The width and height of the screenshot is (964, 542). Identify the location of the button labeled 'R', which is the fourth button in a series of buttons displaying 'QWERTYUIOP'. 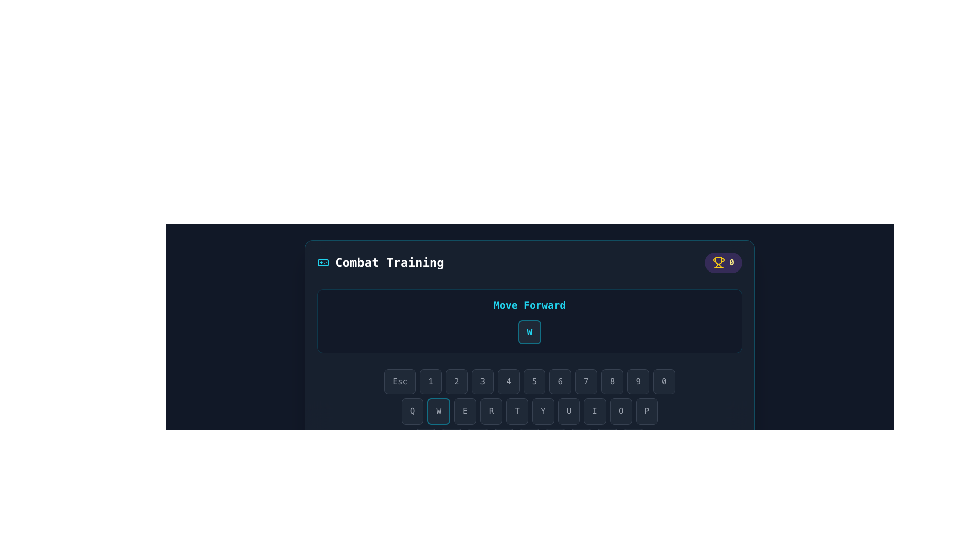
(491, 412).